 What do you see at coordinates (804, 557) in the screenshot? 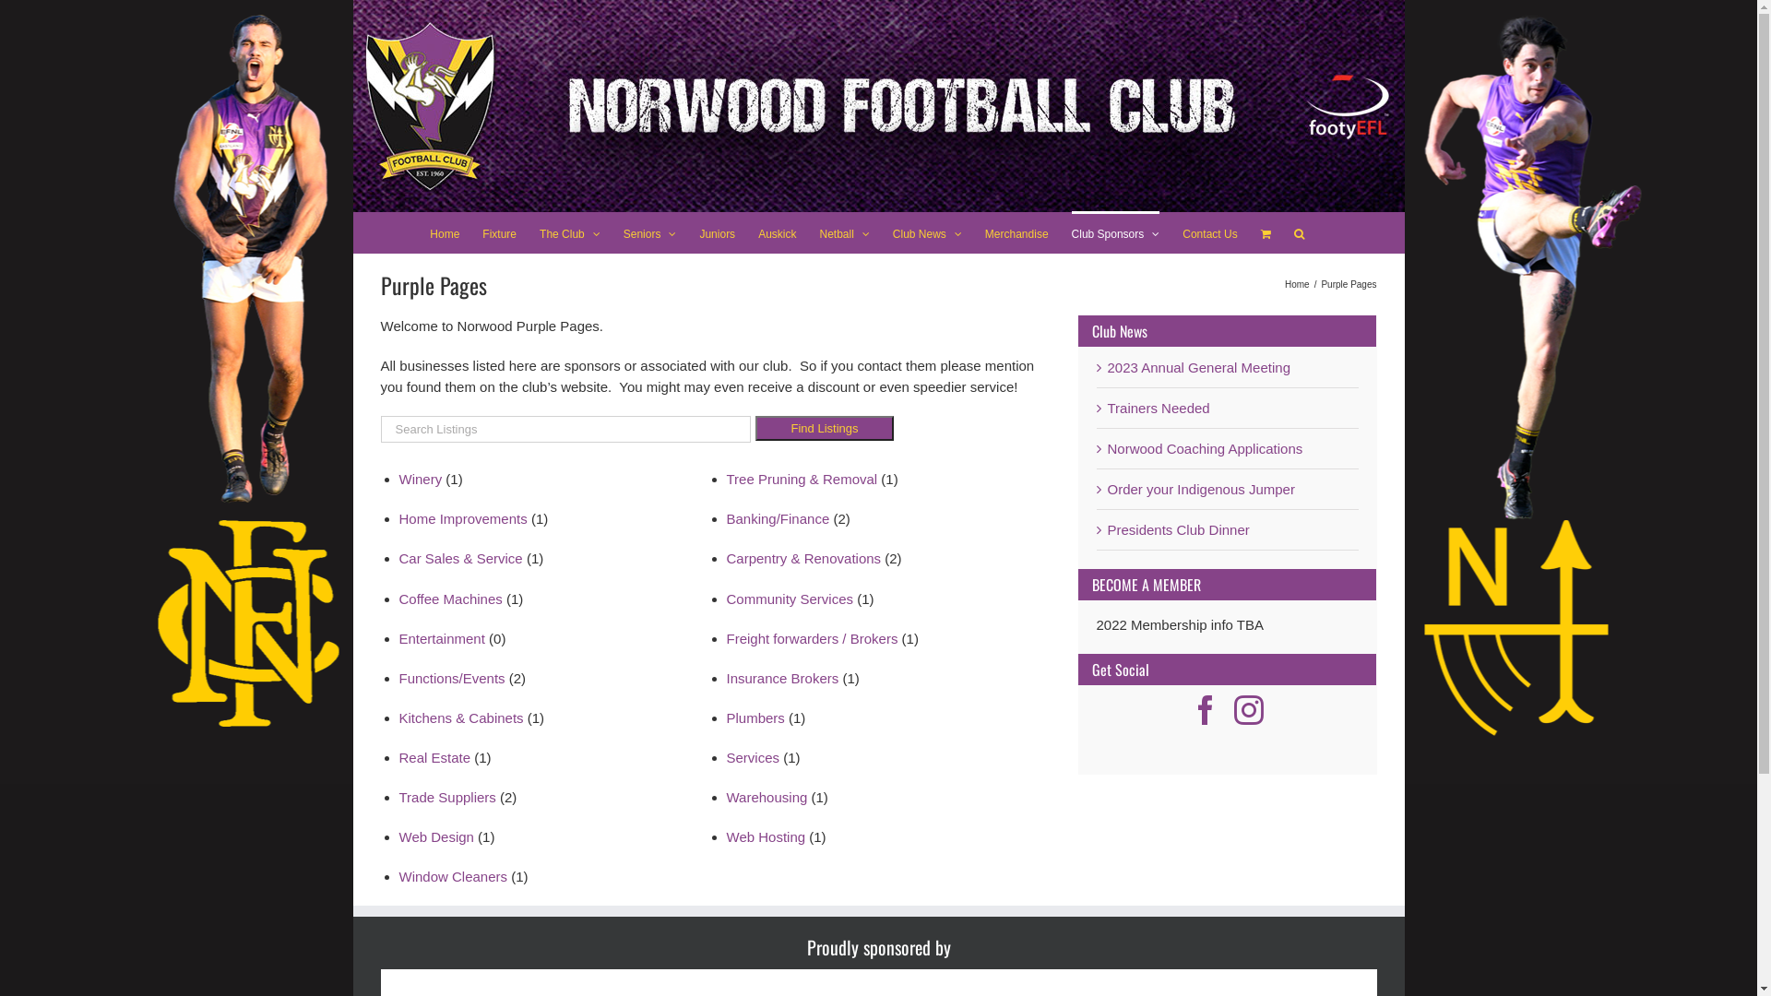
I see `'Carpentry & Renovations'` at bounding box center [804, 557].